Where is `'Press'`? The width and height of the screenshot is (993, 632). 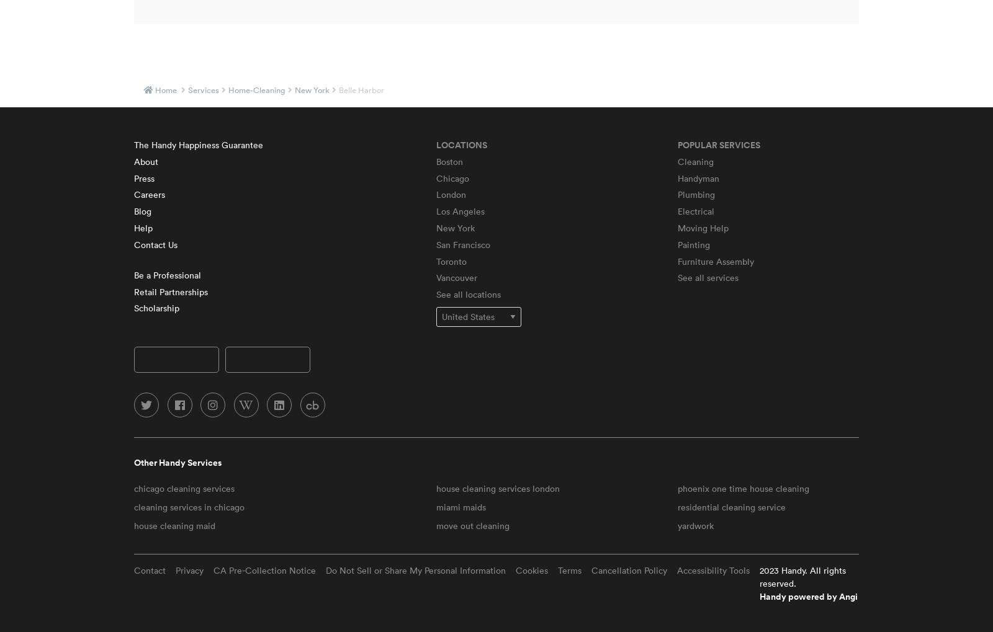 'Press' is located at coordinates (144, 177).